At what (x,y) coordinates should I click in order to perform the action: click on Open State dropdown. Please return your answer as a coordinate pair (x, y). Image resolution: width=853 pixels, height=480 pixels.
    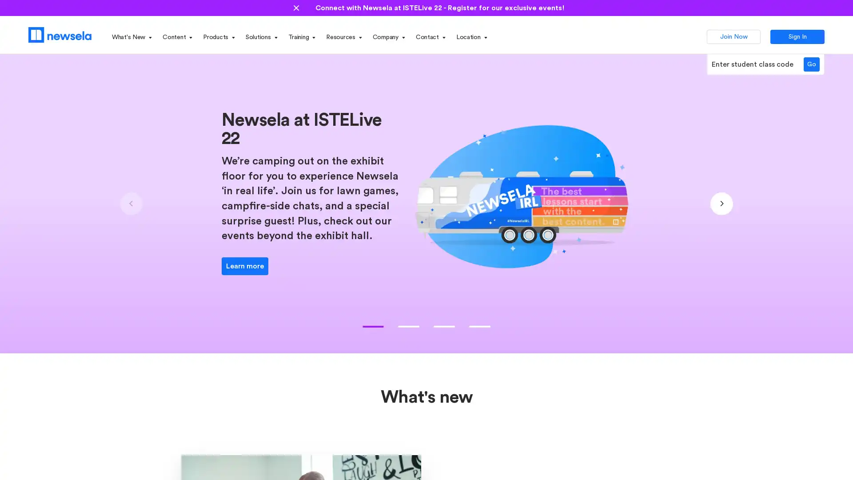
    Looking at the image, I should click on (486, 36).